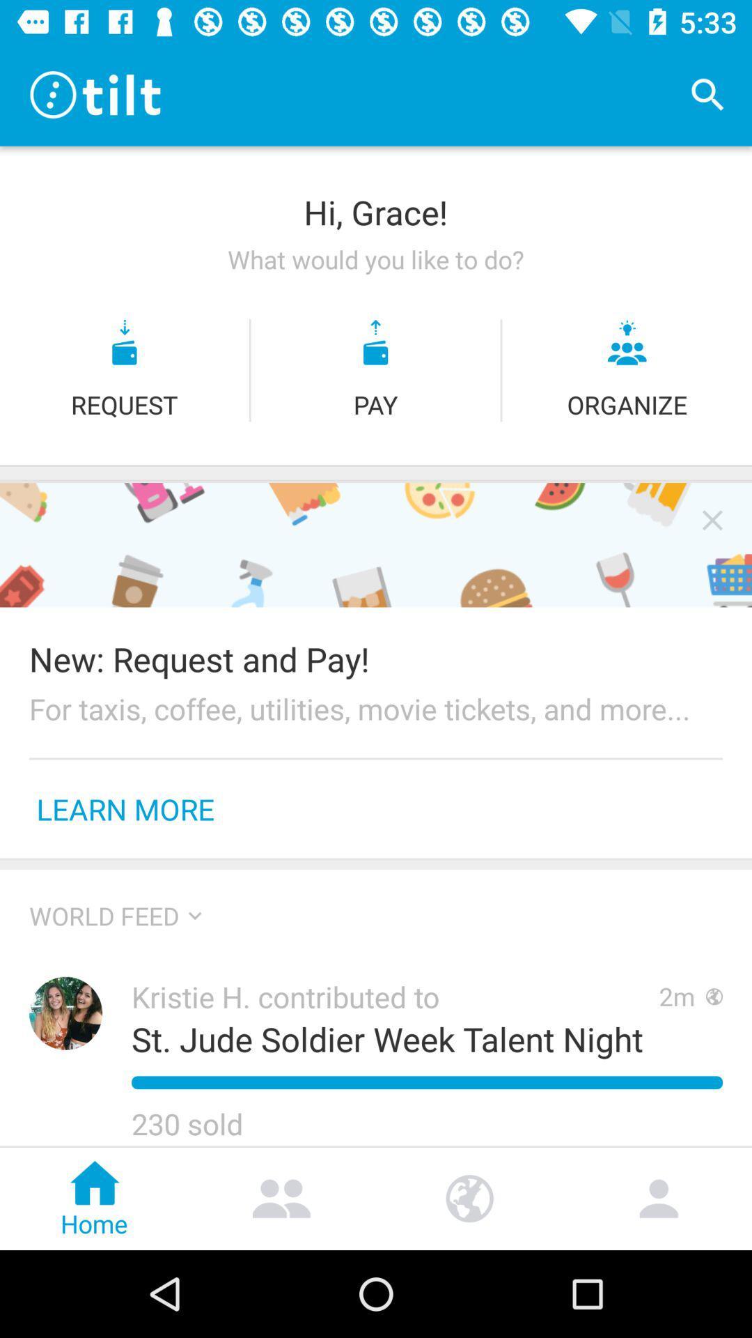 The image size is (752, 1338). What do you see at coordinates (65, 1013) in the screenshot?
I see `the icon to the left of the kristie h contributed` at bounding box center [65, 1013].